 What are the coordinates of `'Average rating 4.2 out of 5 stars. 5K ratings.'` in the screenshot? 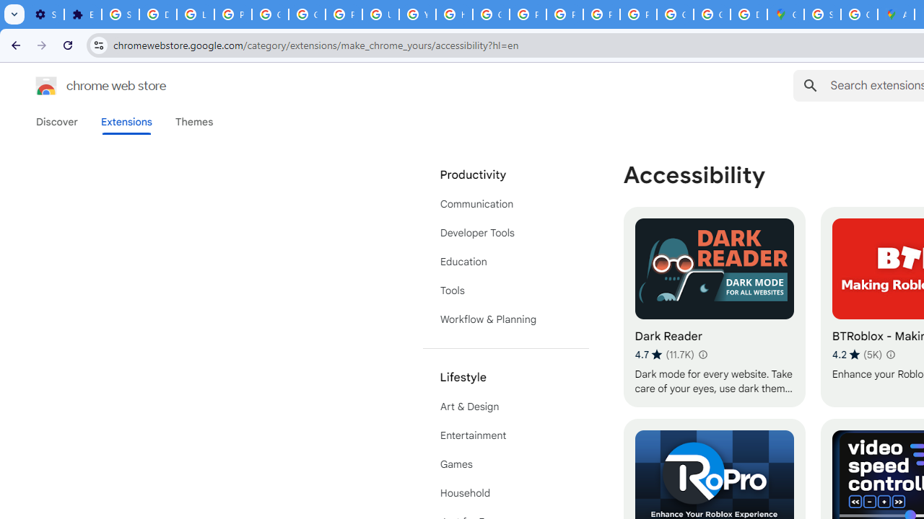 It's located at (857, 354).